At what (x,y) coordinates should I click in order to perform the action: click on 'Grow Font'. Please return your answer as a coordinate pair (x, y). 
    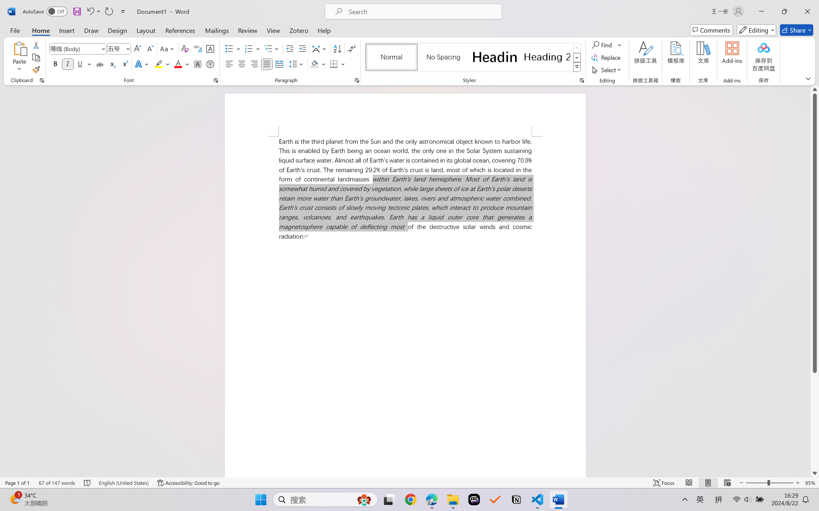
    Looking at the image, I should click on (137, 49).